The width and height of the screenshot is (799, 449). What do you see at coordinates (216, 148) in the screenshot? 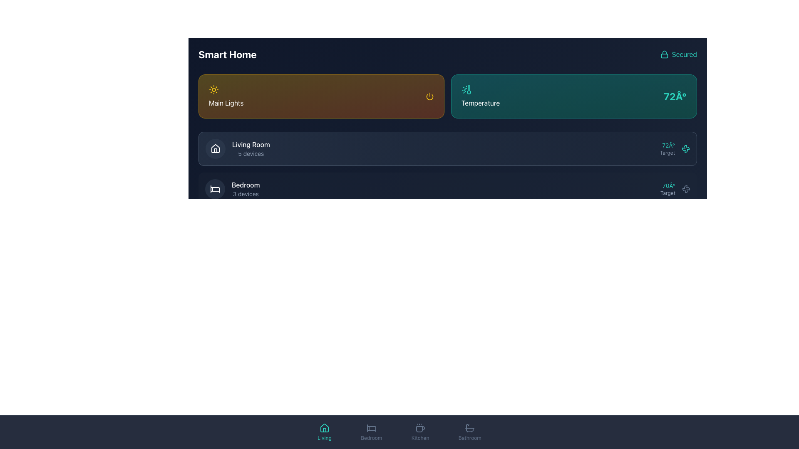
I see `the 'Living Room' icon, which visually represents the section in a vertical list of sections` at bounding box center [216, 148].